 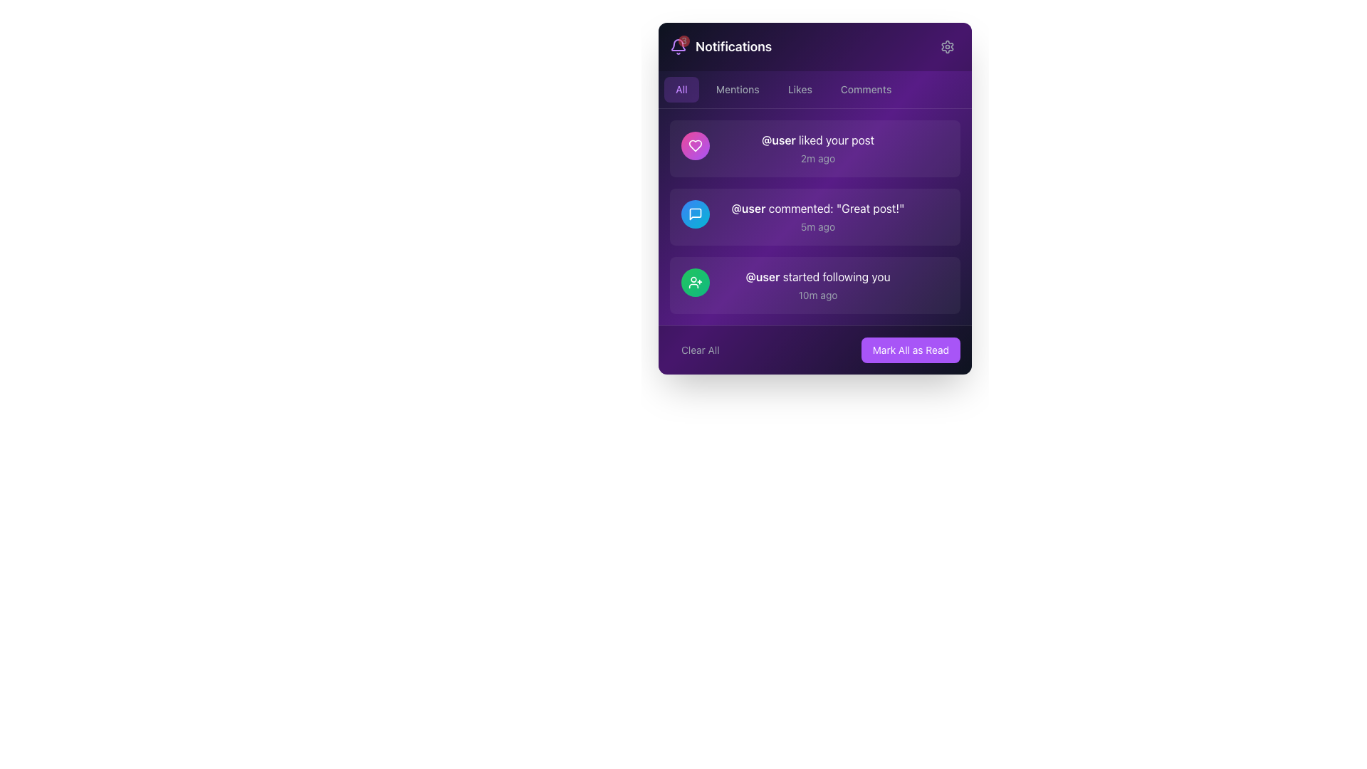 What do you see at coordinates (815, 286) in the screenshot?
I see `the '@user' text within the third Notification Card in the Notifications panel, which indicates that '@user' has started following the user` at bounding box center [815, 286].